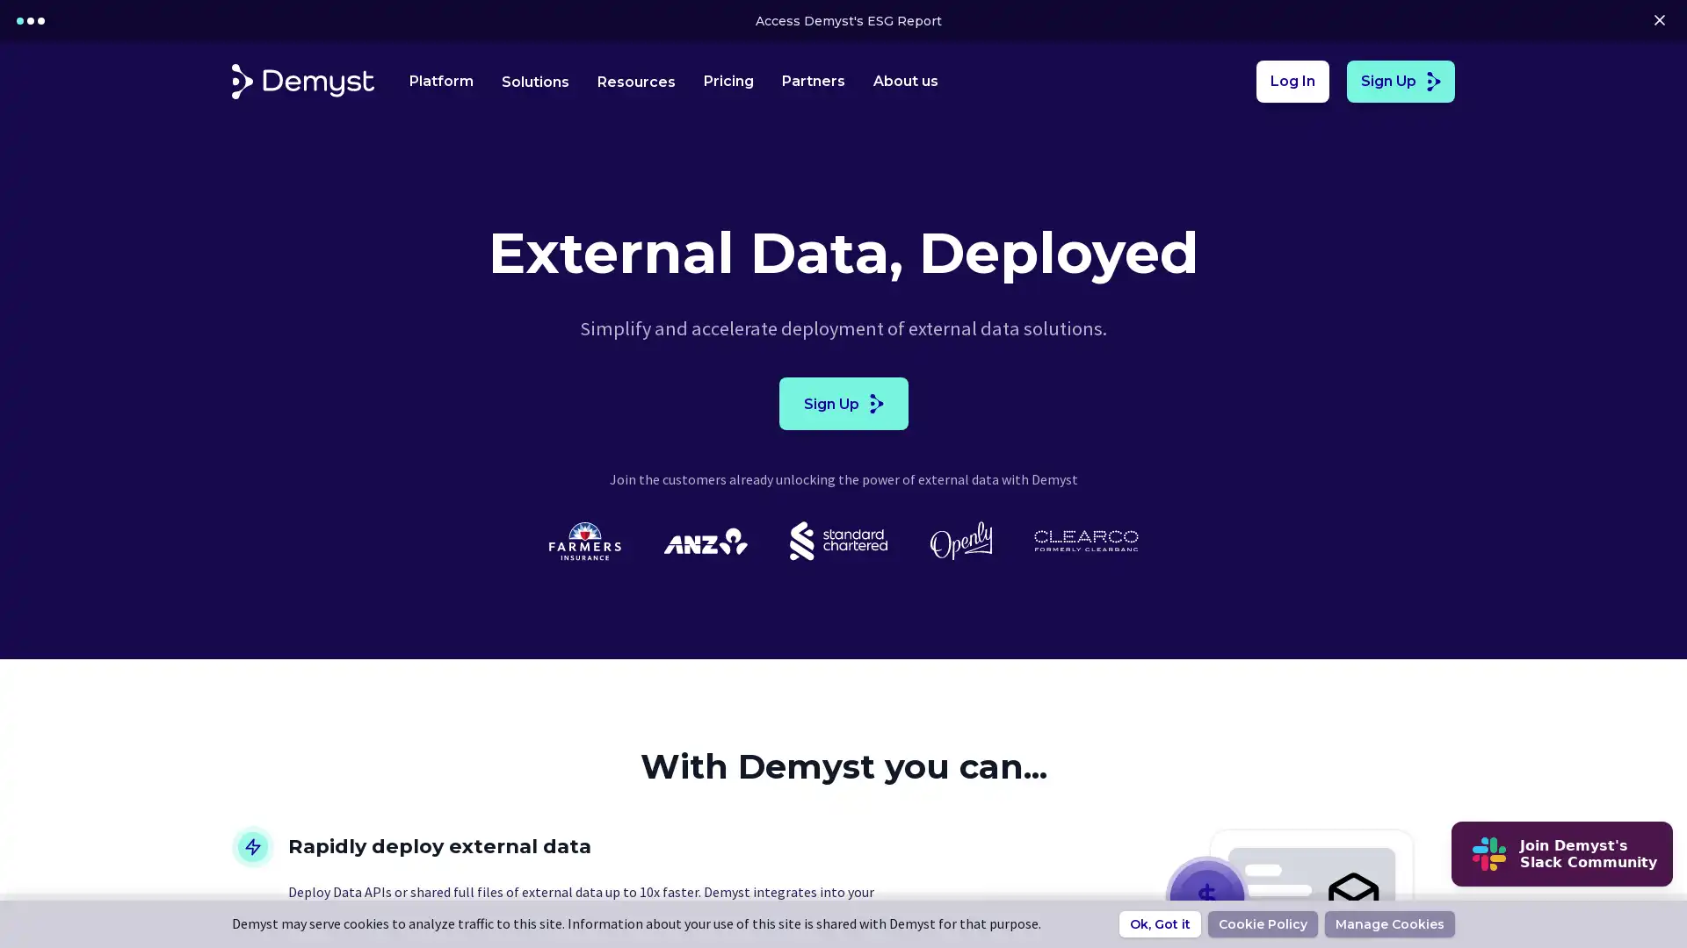 The height and width of the screenshot is (948, 1687). I want to click on Solutions, so click(534, 81).